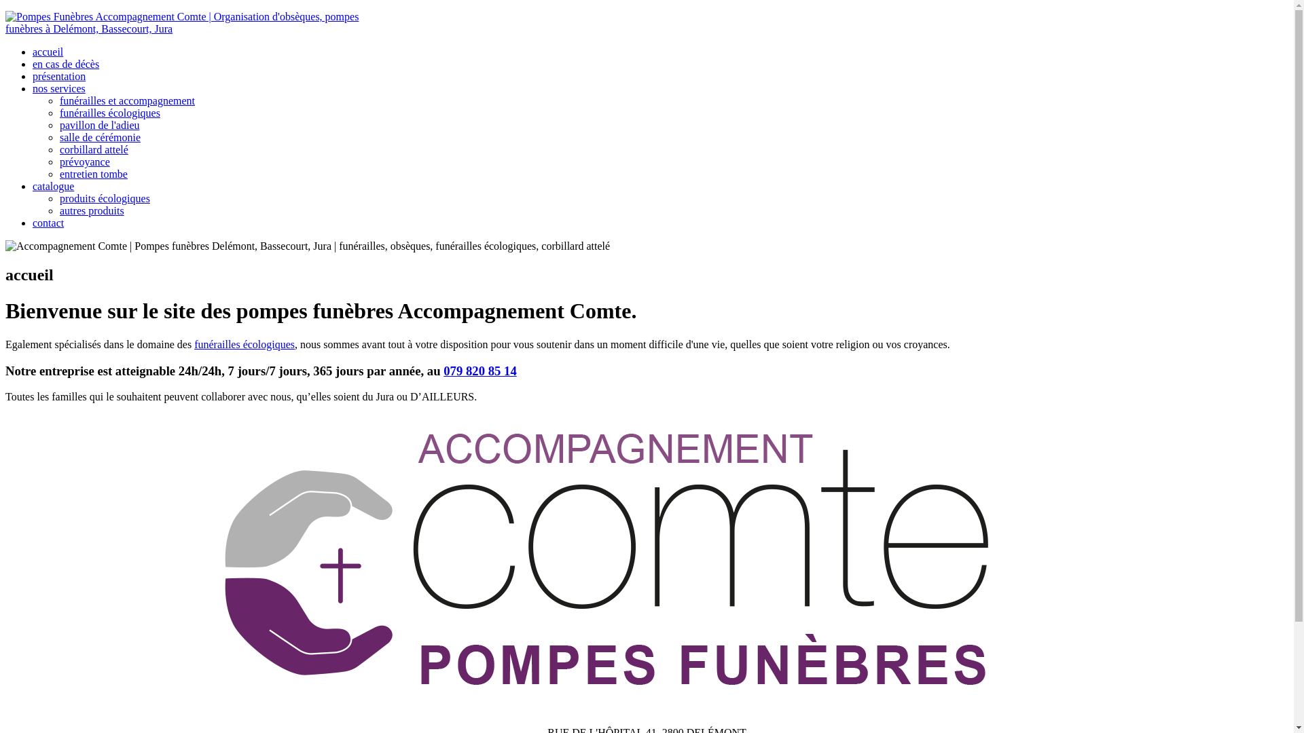 This screenshot has height=733, width=1304. What do you see at coordinates (93, 173) in the screenshot?
I see `'entretien tombe'` at bounding box center [93, 173].